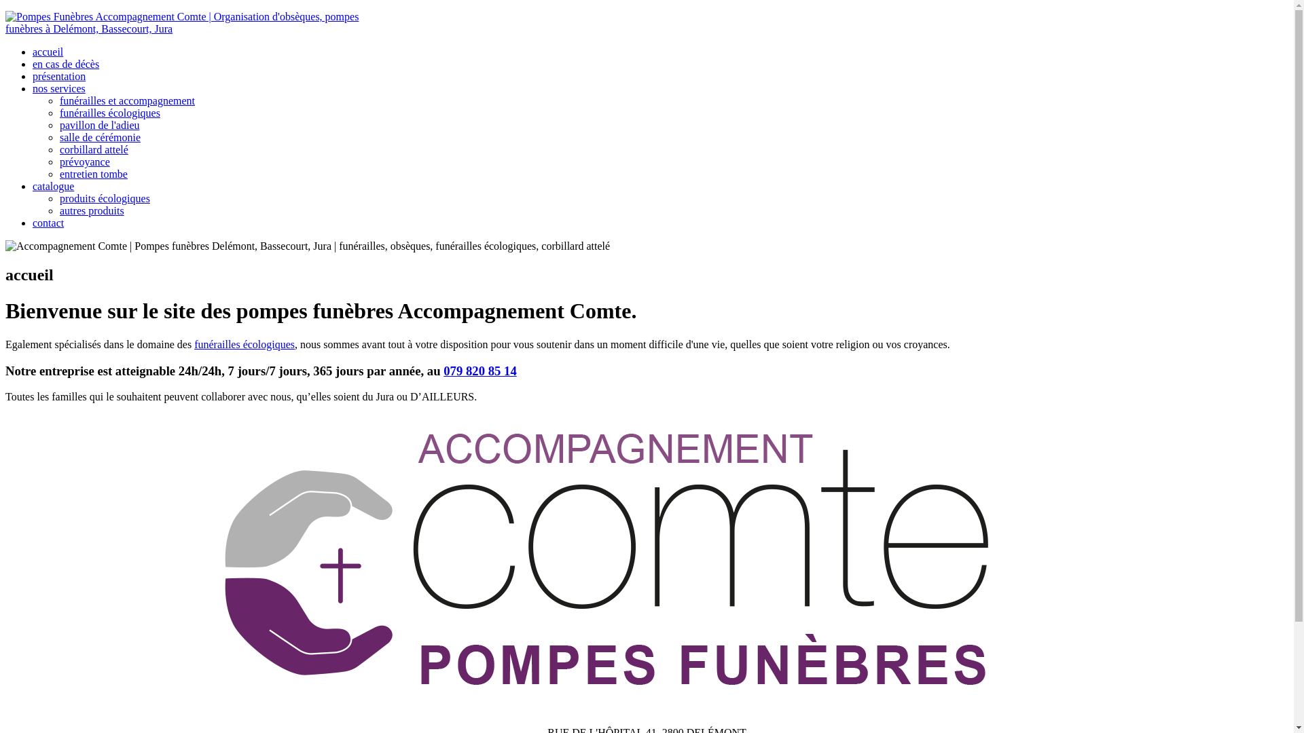 This screenshot has height=733, width=1304. What do you see at coordinates (93, 173) in the screenshot?
I see `'entretien tombe'` at bounding box center [93, 173].